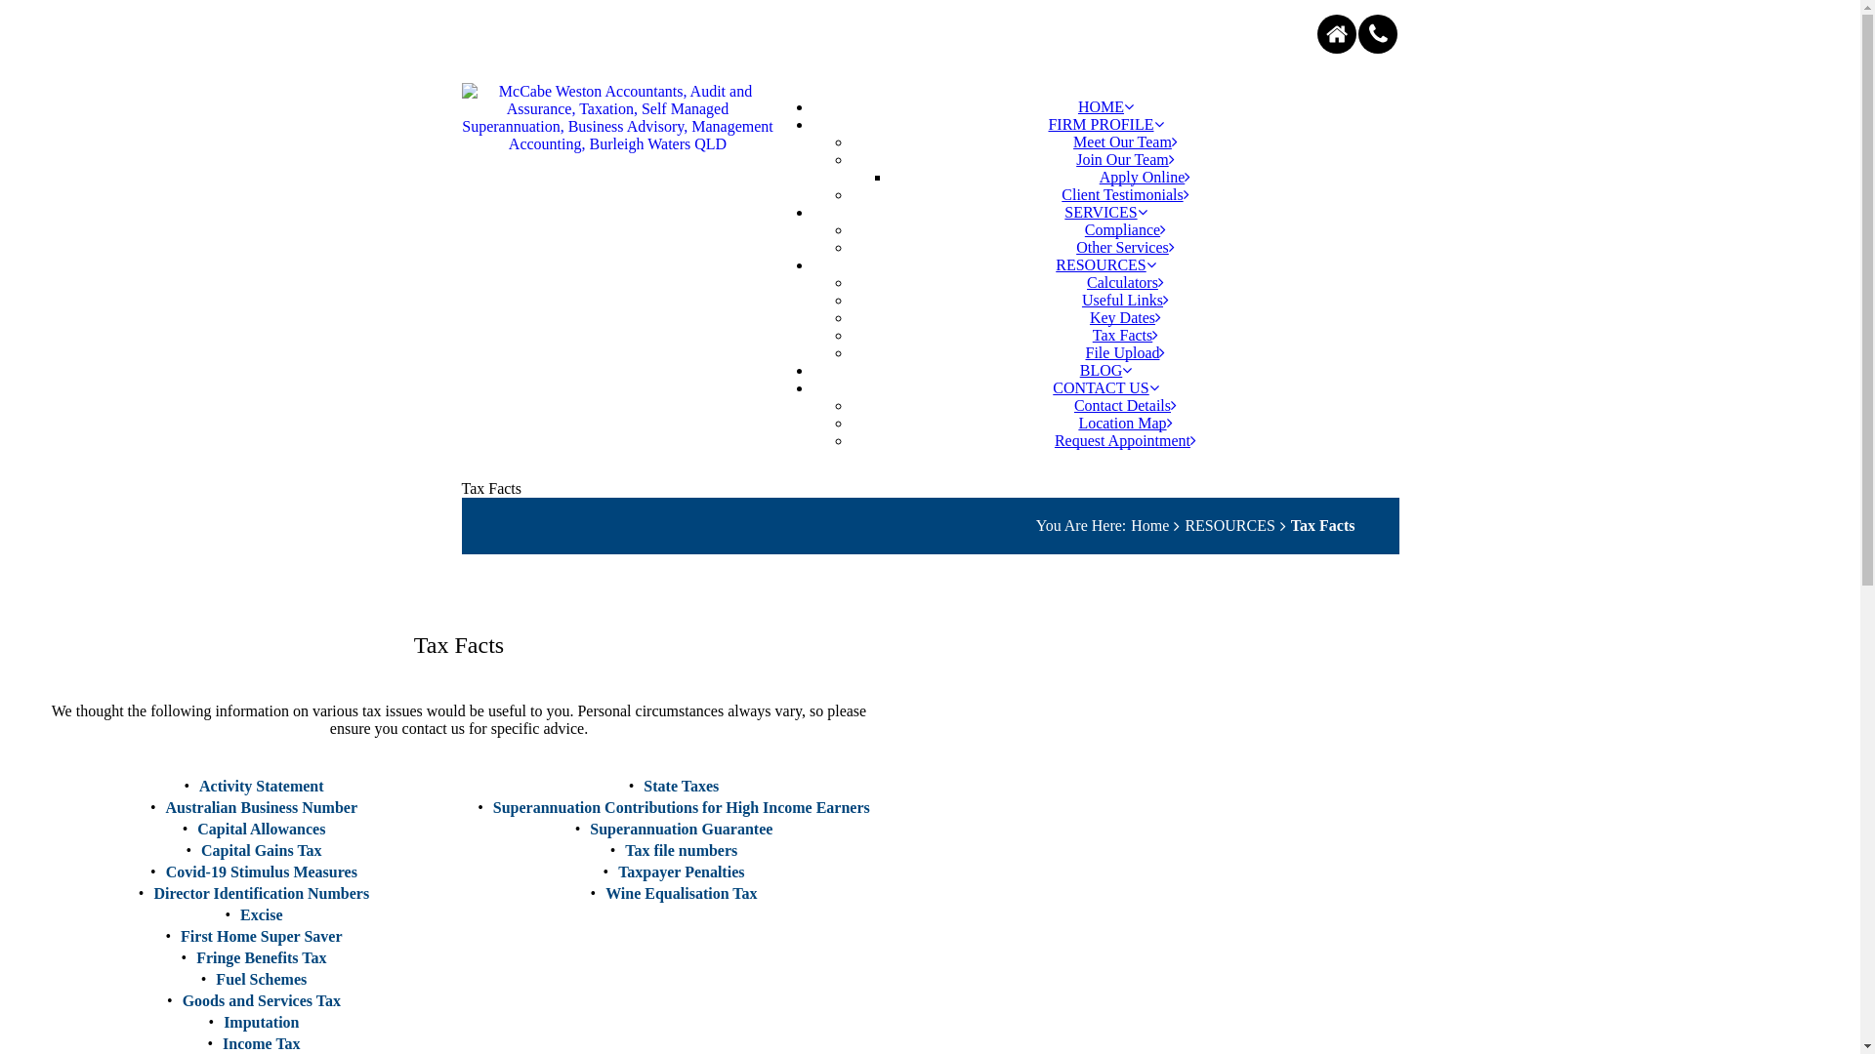 The height and width of the screenshot is (1054, 1875). I want to click on 'Tax Facts', so click(1125, 334).